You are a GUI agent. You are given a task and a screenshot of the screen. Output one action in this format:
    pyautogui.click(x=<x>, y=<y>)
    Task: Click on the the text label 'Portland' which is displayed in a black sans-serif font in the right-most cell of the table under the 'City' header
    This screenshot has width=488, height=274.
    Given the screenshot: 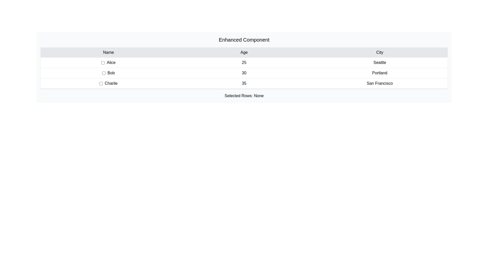 What is the action you would take?
    pyautogui.click(x=380, y=73)
    